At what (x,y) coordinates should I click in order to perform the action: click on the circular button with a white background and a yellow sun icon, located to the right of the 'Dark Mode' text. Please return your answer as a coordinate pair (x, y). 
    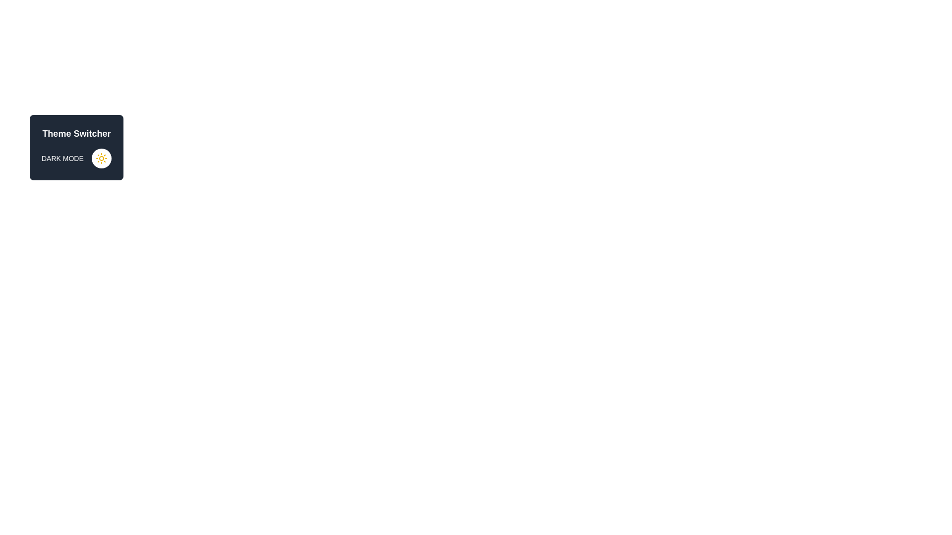
    Looking at the image, I should click on (101, 158).